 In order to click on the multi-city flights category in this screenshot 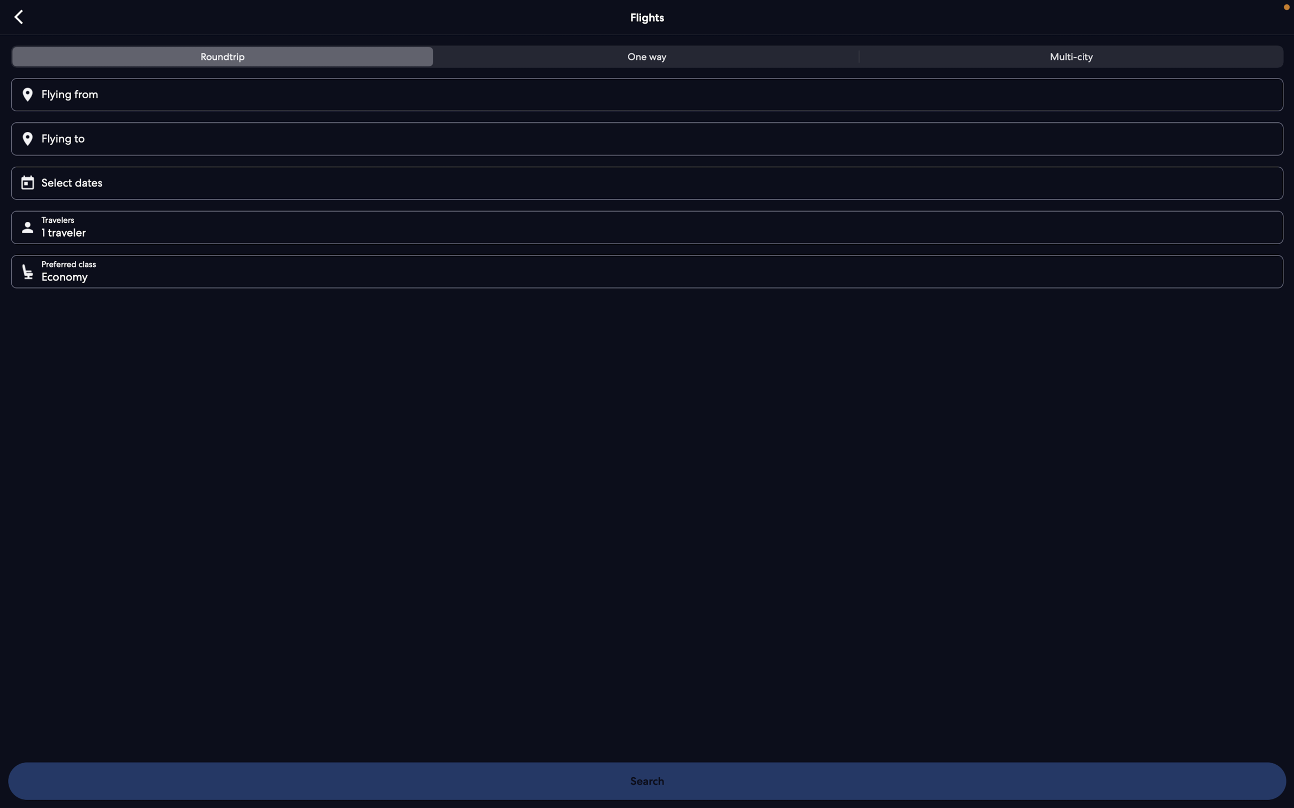, I will do `click(1068, 58)`.